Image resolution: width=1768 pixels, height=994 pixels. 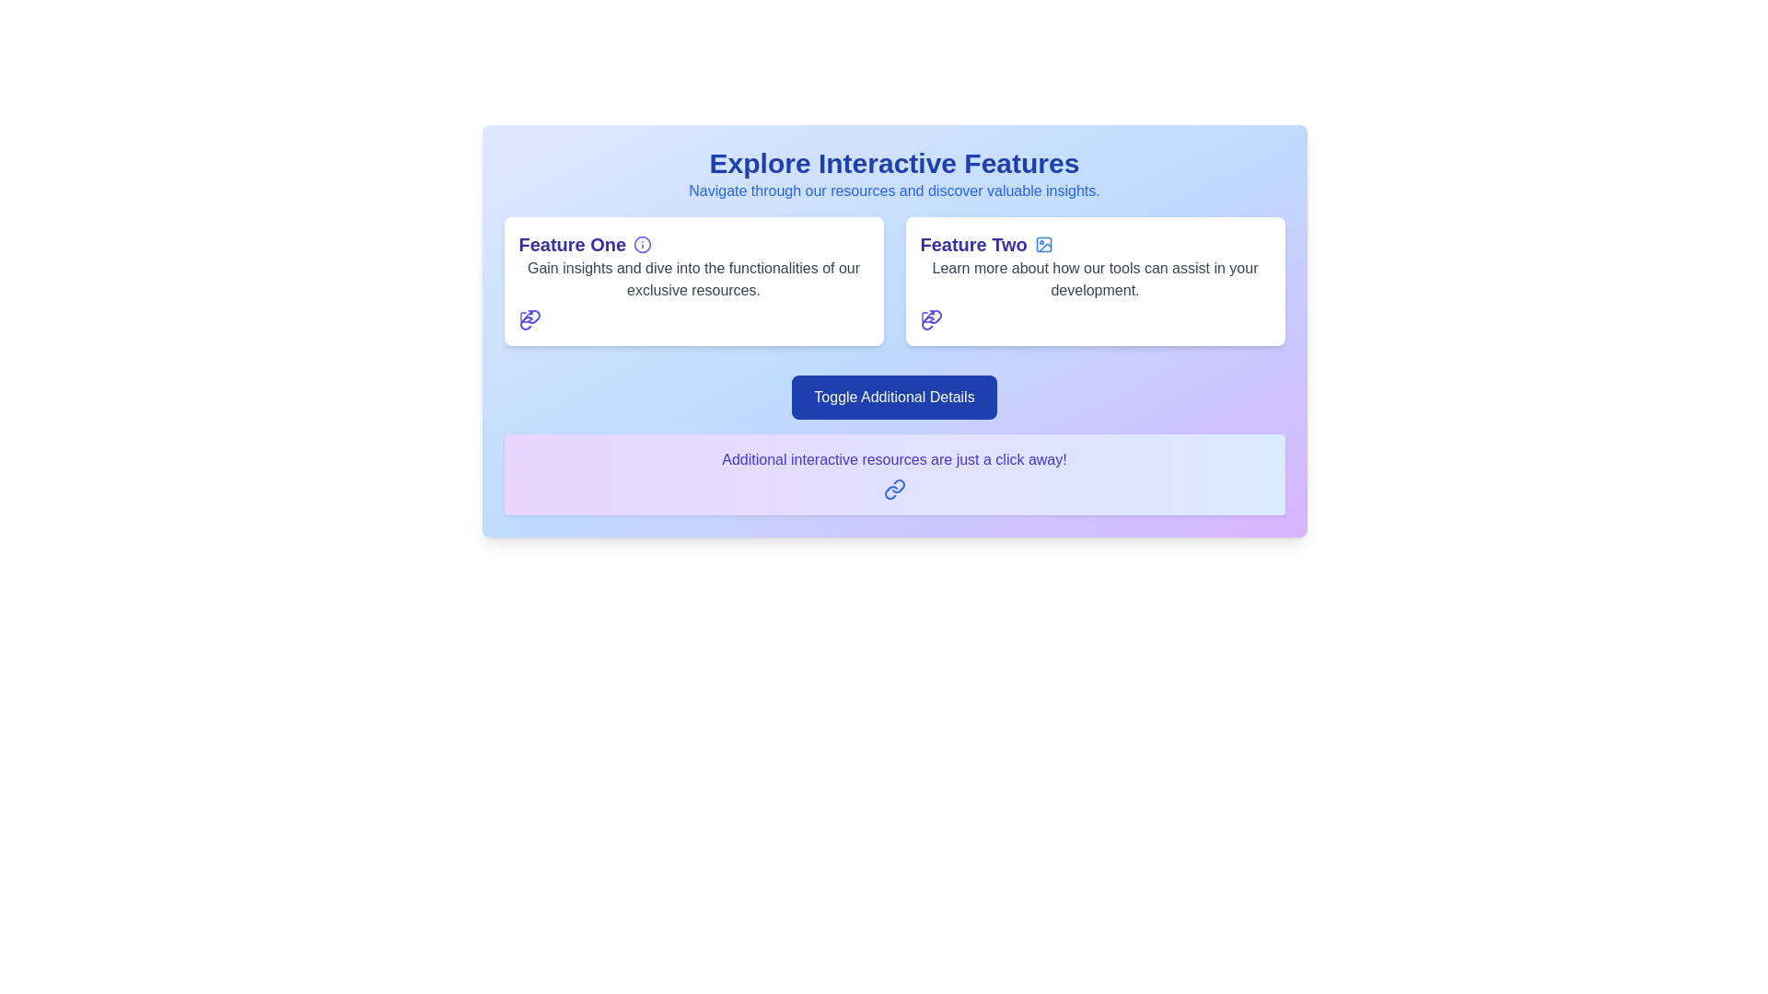 What do you see at coordinates (692, 280) in the screenshot?
I see `the text block displaying 'Gain insights and dive into the functionalities of our exclusive resources.' which is centrally aligned within the first card under the title 'Feature One.'` at bounding box center [692, 280].